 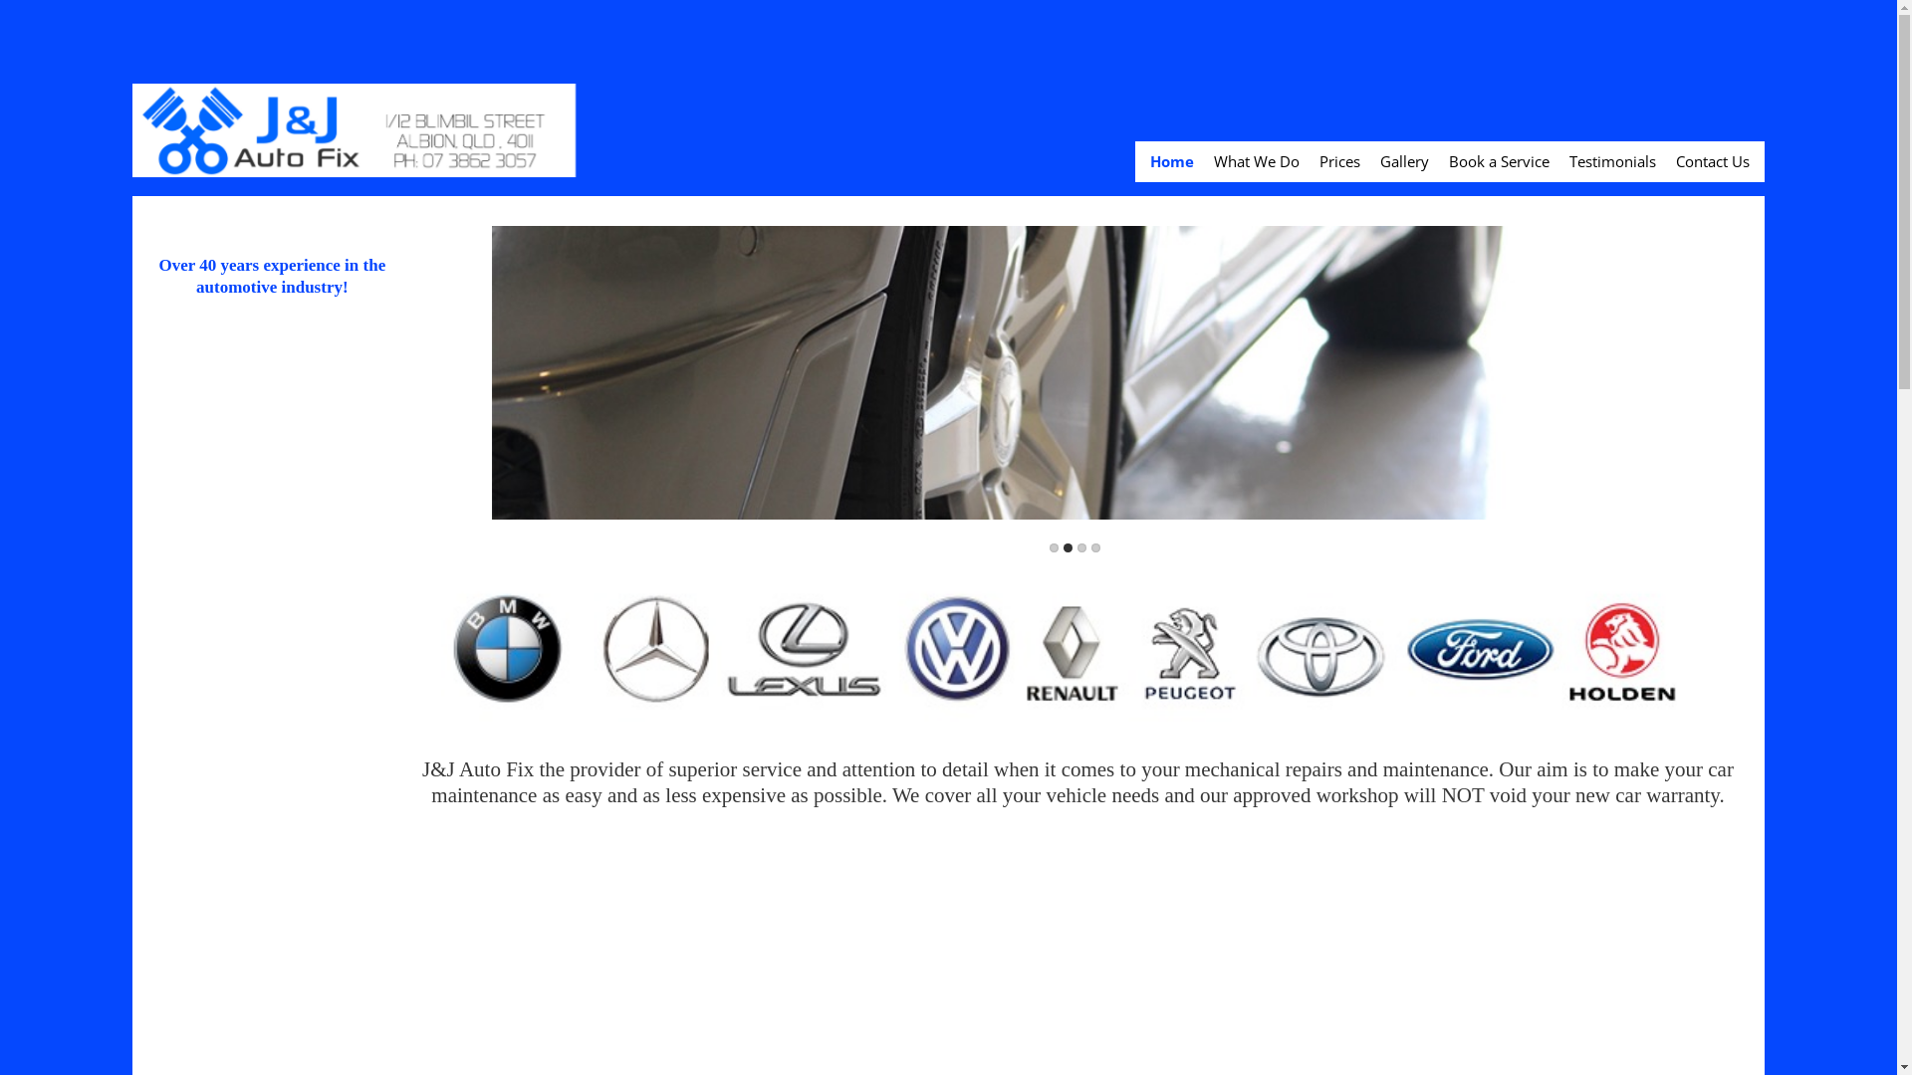 I want to click on 'Book a Service', so click(x=1499, y=160).